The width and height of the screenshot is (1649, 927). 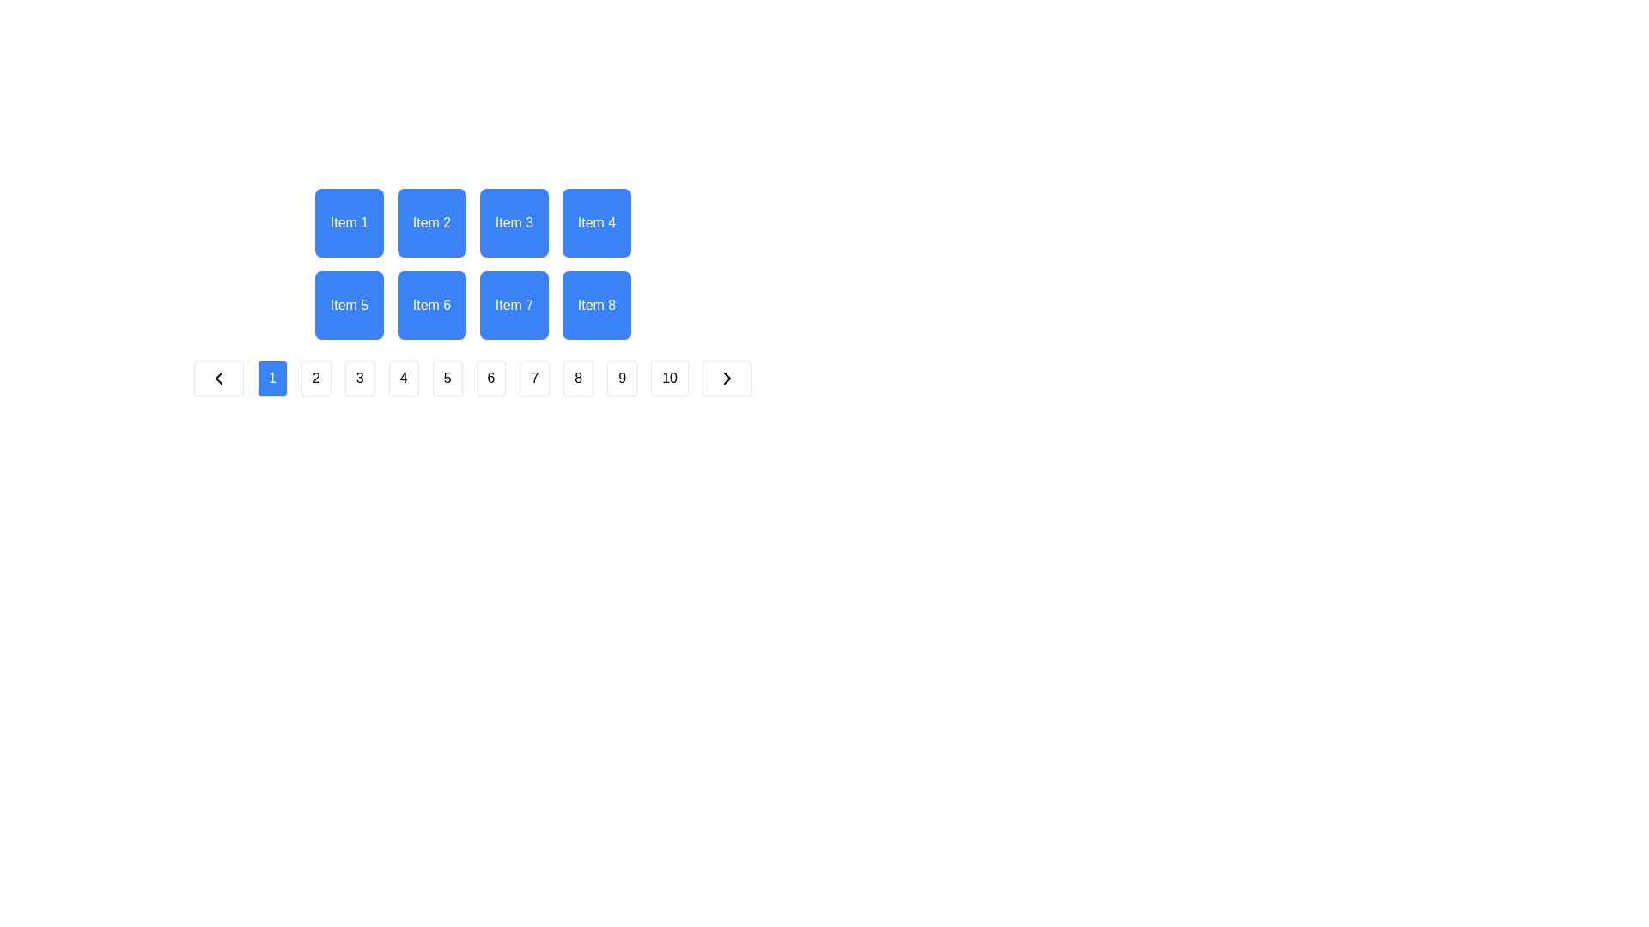 What do you see at coordinates (597, 304) in the screenshot?
I see `the button labeled 'Item 8' located at the bottom-right corner of the 4x2 grid layout` at bounding box center [597, 304].